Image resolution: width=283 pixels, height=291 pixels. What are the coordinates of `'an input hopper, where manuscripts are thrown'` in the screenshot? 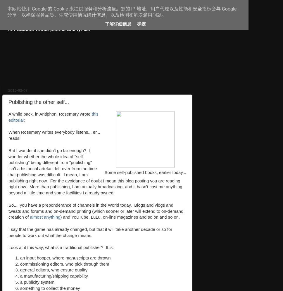 It's located at (65, 257).